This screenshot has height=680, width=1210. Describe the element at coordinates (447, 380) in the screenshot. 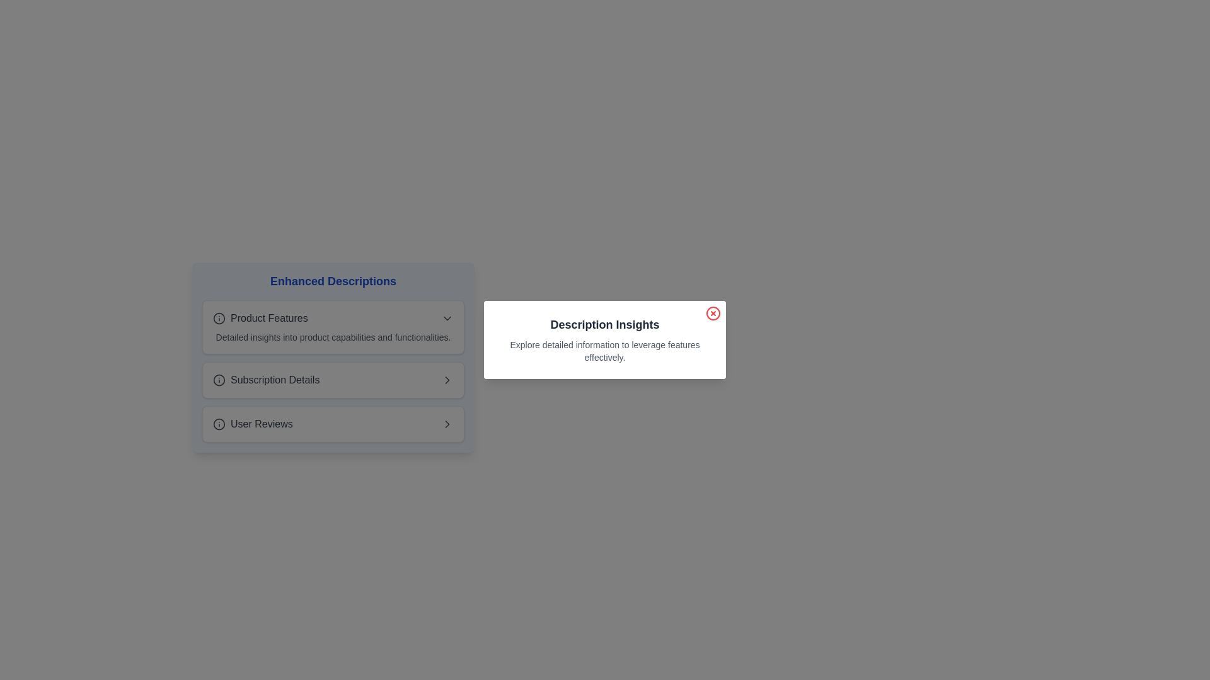

I see `the chevron icon on the right side of the 'Subscription Details' option` at that location.